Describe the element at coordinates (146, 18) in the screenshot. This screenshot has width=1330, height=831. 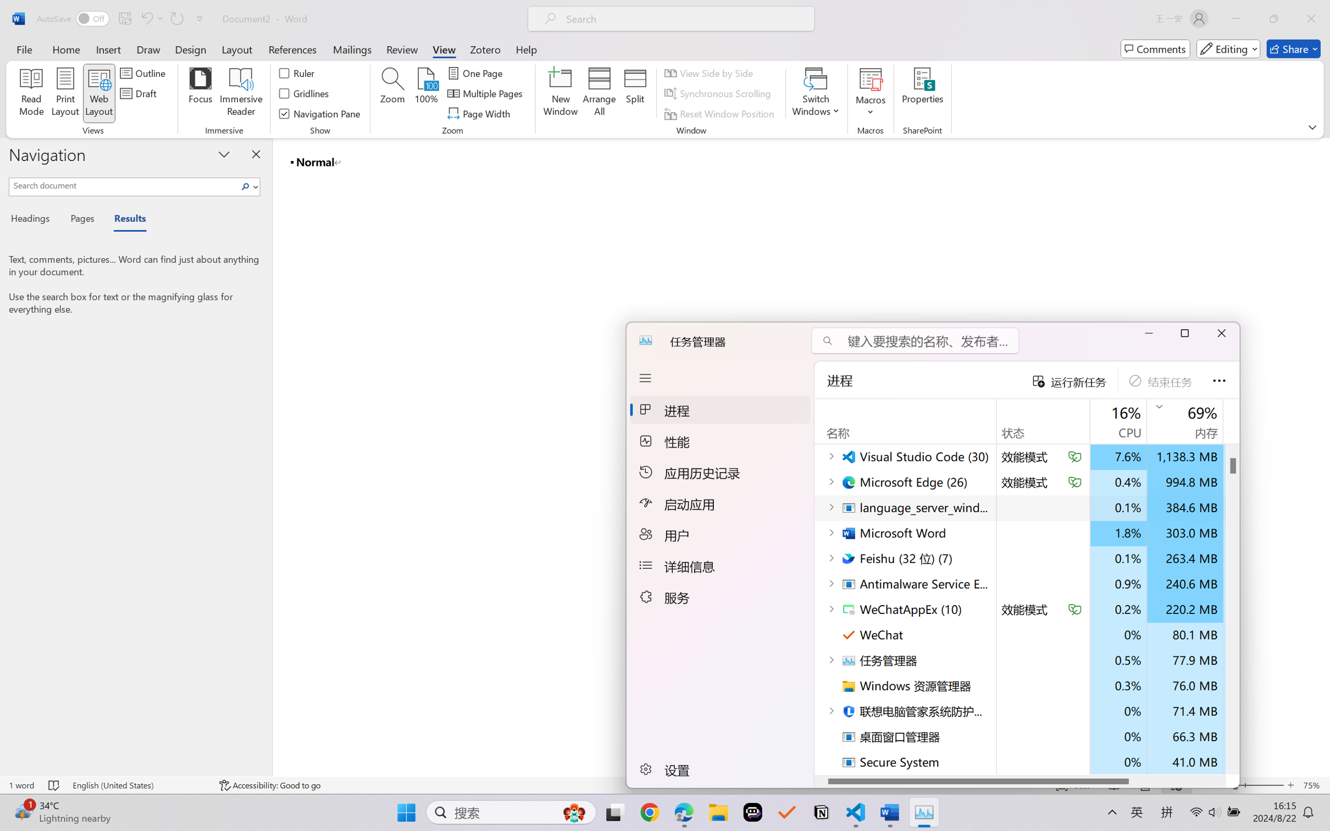
I see `'Undo <ApplyStyleToDoc>b__0'` at that location.